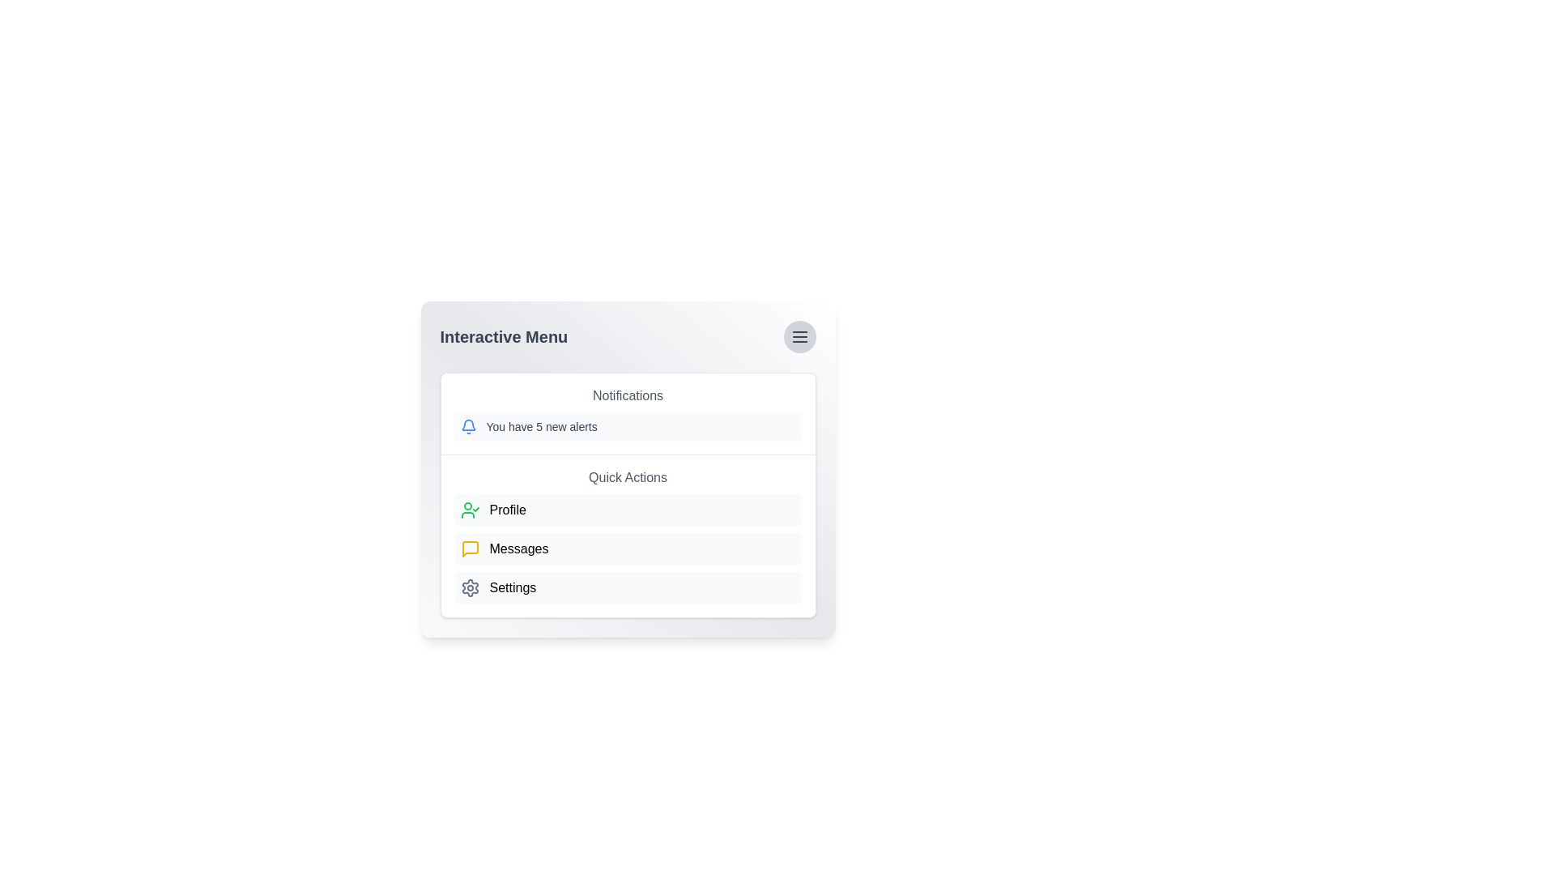 This screenshot has height=875, width=1555. What do you see at coordinates (627, 509) in the screenshot?
I see `the 'Profile' button` at bounding box center [627, 509].